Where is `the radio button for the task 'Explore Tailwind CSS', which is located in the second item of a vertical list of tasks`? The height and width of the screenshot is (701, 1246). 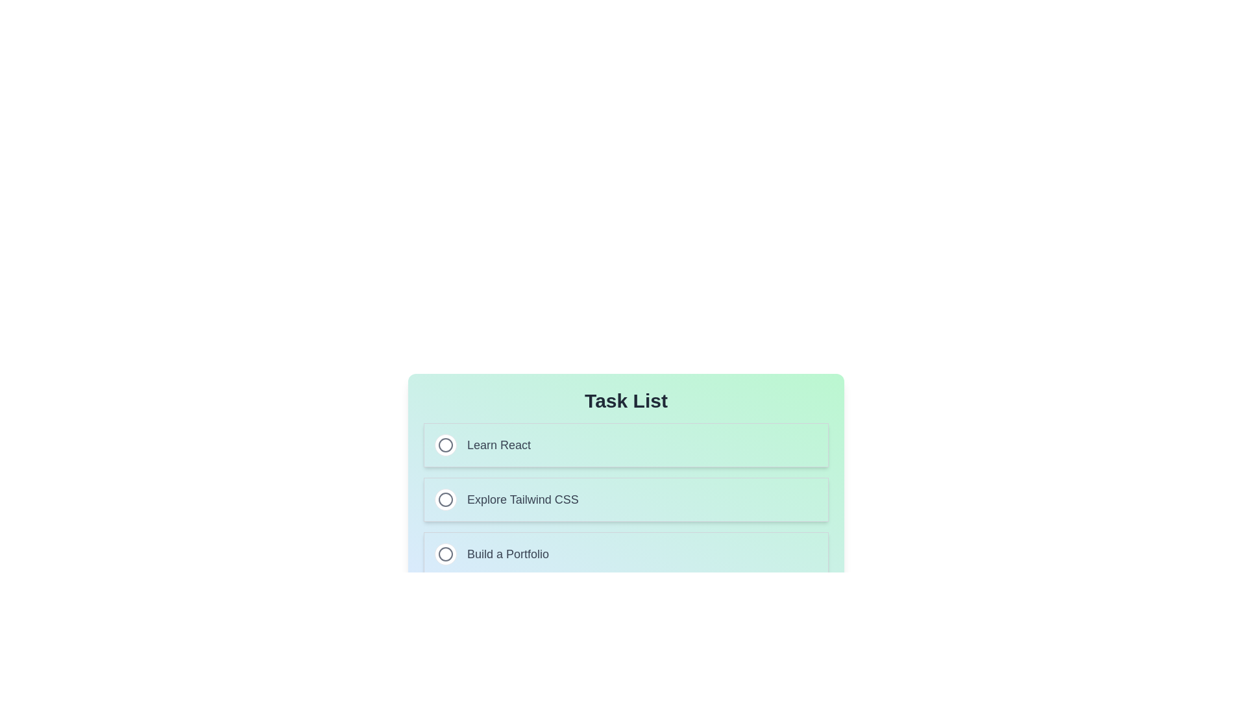 the radio button for the task 'Explore Tailwind CSS', which is located in the second item of a vertical list of tasks is located at coordinates (445, 499).